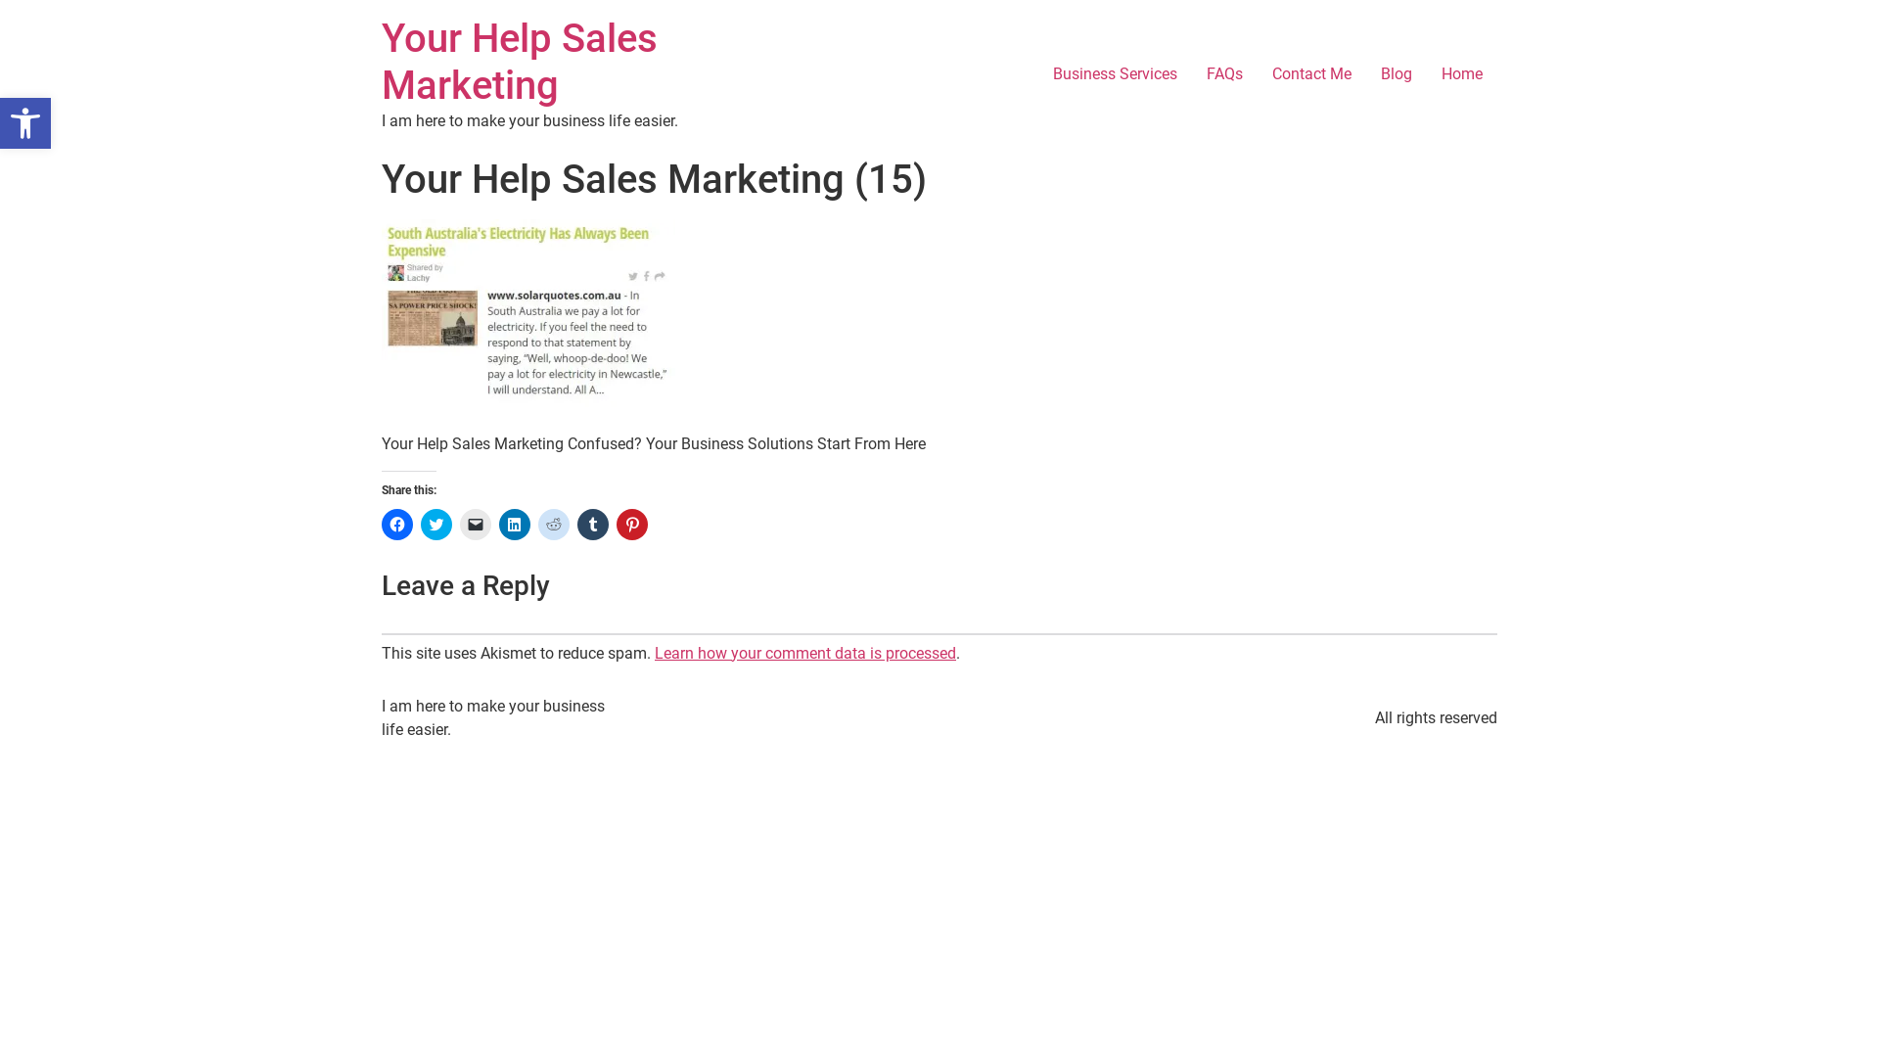 The width and height of the screenshot is (1879, 1057). I want to click on 'Your Help Sales Marketing', so click(520, 61).